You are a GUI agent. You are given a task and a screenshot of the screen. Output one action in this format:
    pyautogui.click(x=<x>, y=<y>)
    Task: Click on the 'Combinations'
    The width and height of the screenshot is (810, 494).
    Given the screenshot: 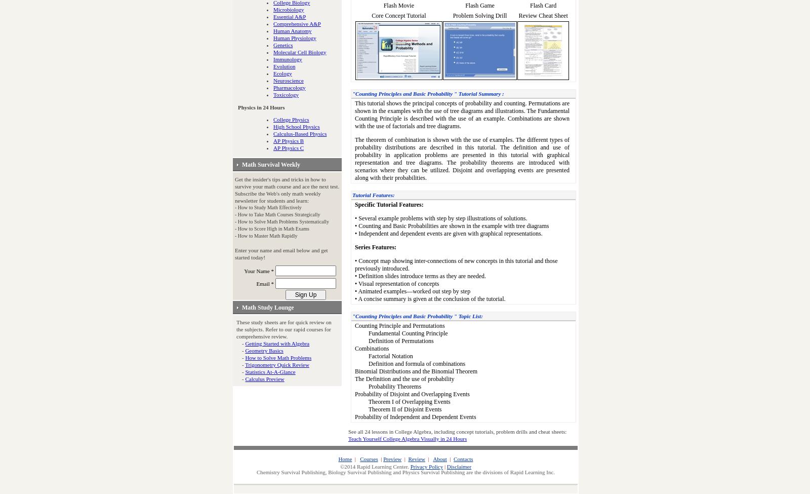 What is the action you would take?
    pyautogui.click(x=372, y=348)
    